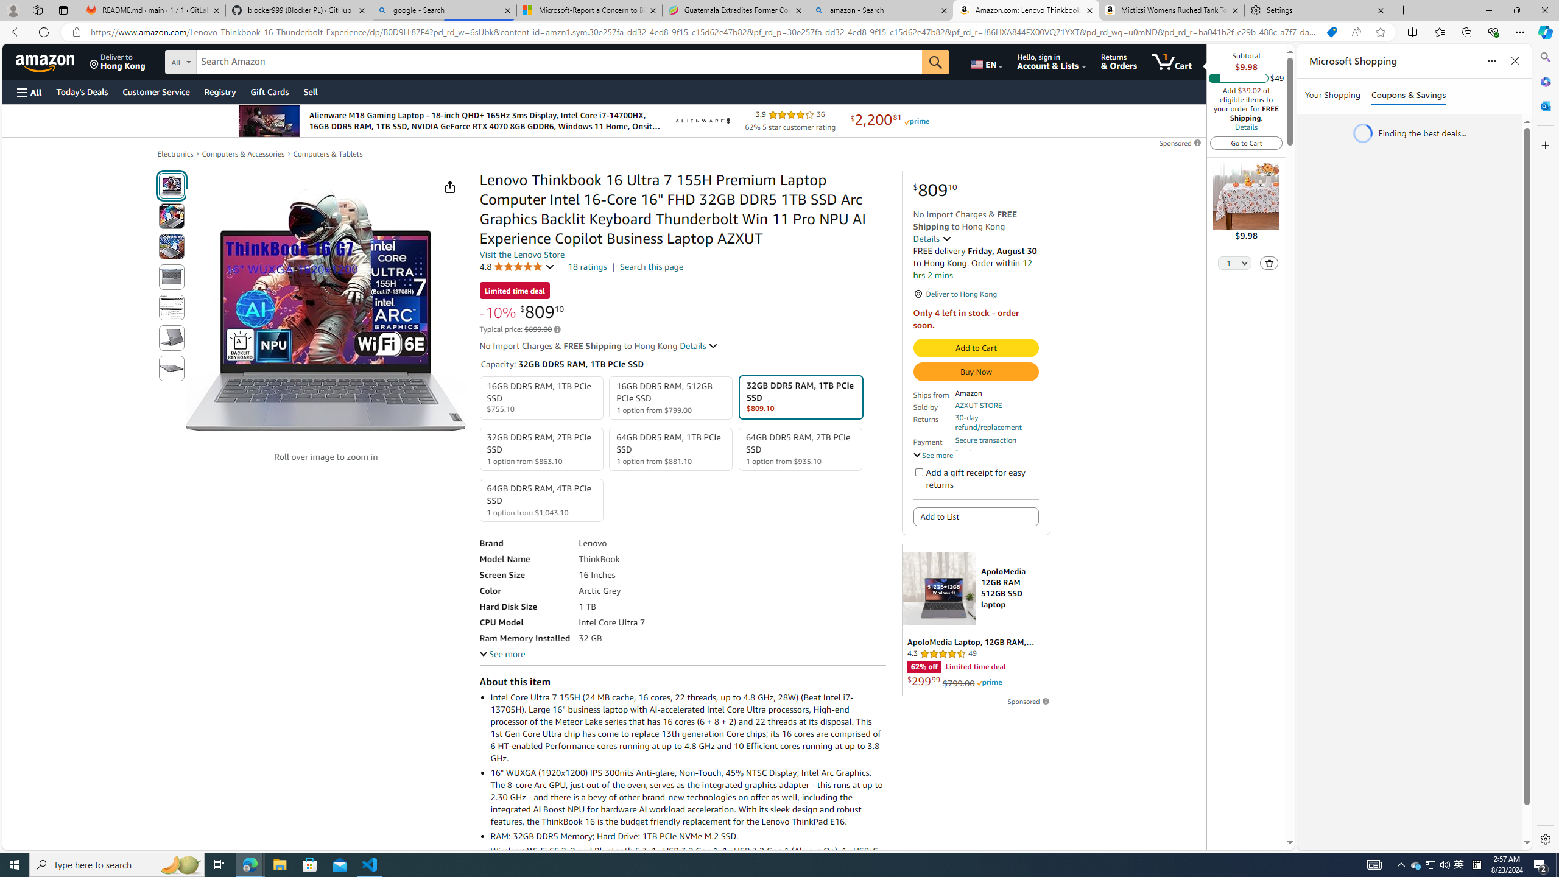  I want to click on '64GB DDR5 RAM, 4TB PCIe SSD 1 option from $1,043.10', so click(541, 499).